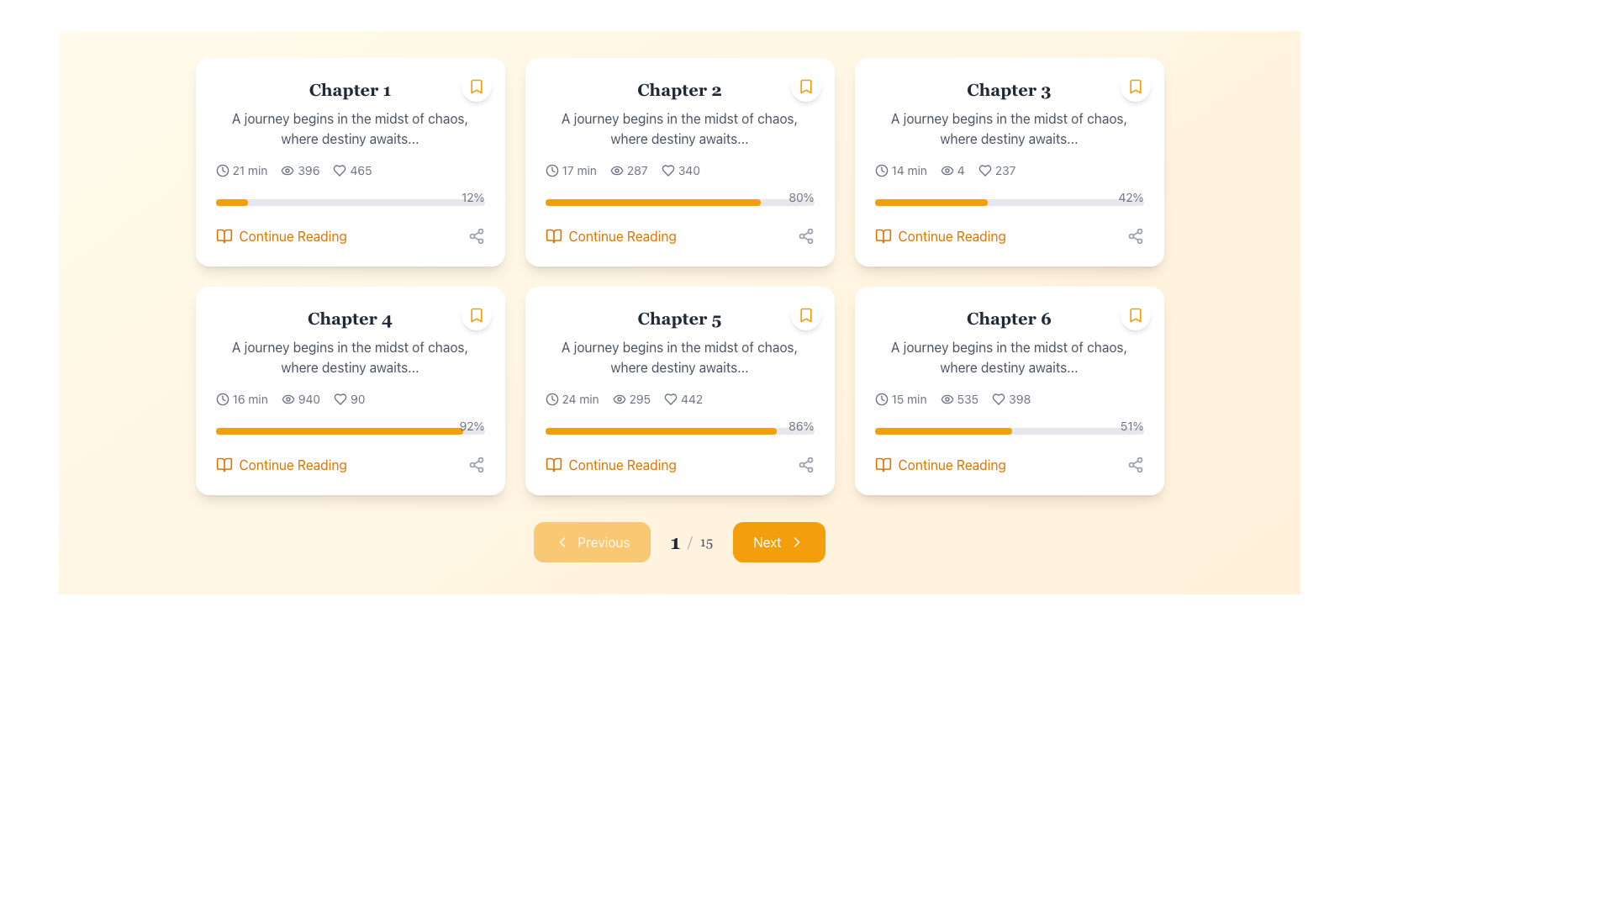 The width and height of the screenshot is (1614, 908). I want to click on the text block that serves as a brief description or introductory text for Chapter 1, located within the card labeled 'Chapter 1' in the top-left corner of the grid layout, so click(349, 128).